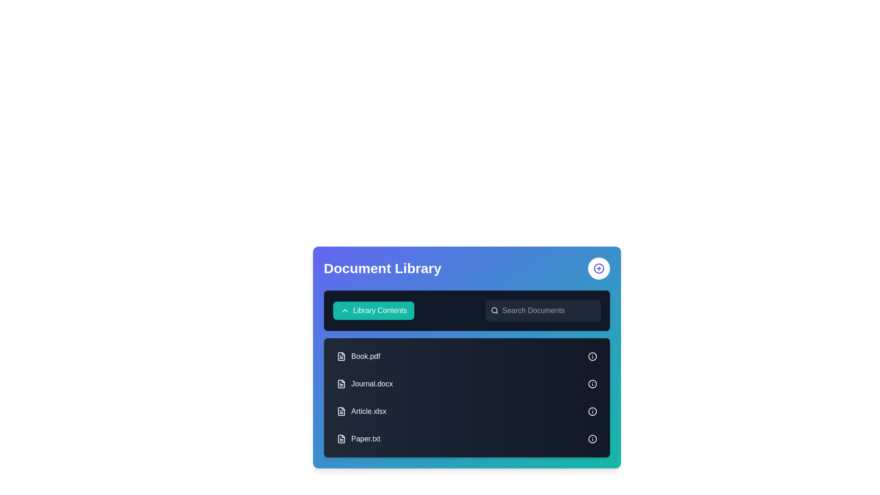  Describe the element at coordinates (341, 384) in the screenshot. I see `the file document icon next to the text 'Journal.docx' in the Document Library section` at that location.